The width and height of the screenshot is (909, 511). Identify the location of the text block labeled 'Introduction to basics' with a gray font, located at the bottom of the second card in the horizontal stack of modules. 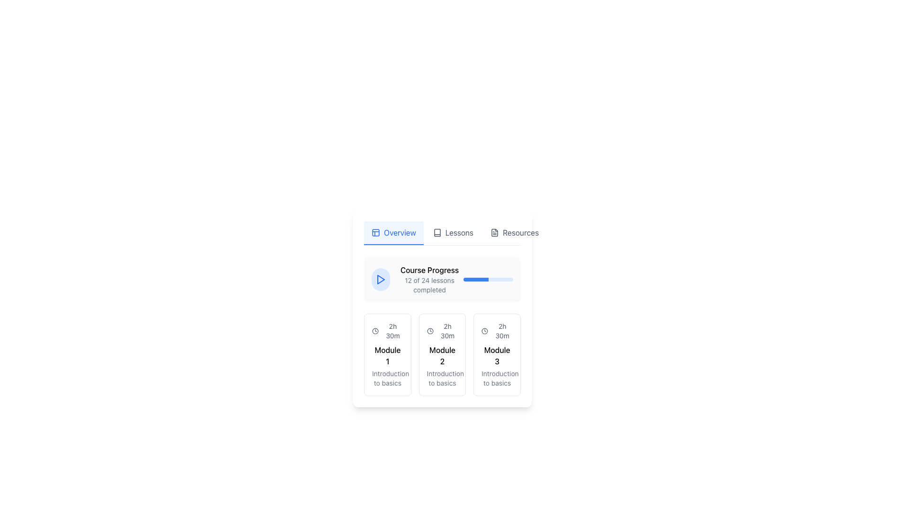
(442, 378).